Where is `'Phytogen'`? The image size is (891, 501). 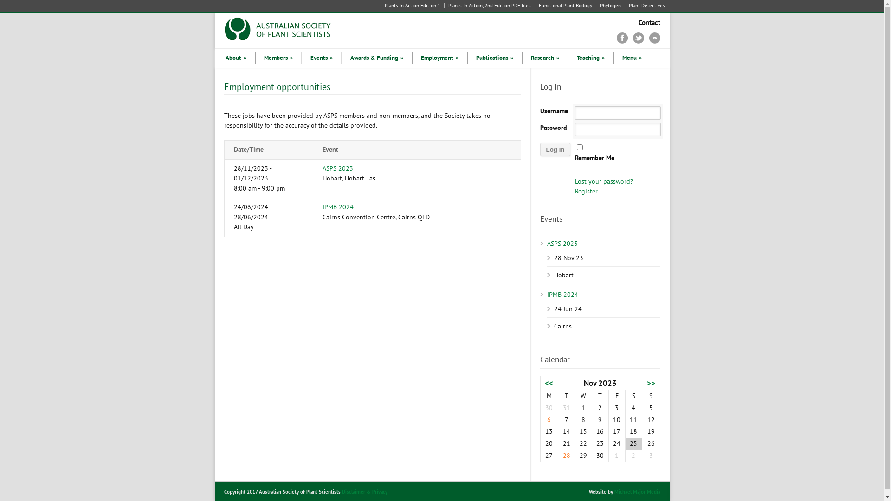
'Phytogen' is located at coordinates (610, 6).